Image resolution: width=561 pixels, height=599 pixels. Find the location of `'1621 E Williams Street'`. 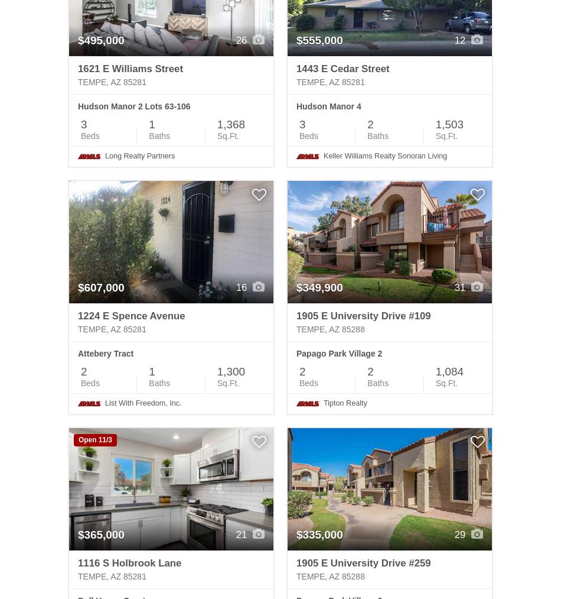

'1621 E Williams Street' is located at coordinates (130, 68).